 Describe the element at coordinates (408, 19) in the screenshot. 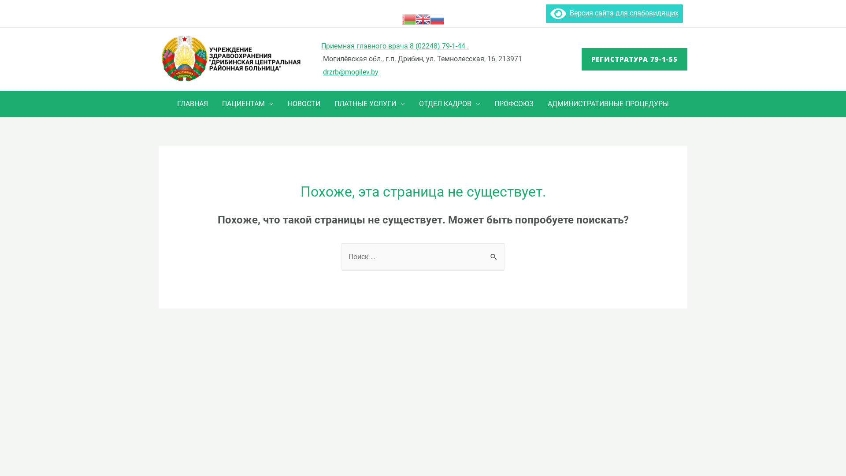

I see `'Belarusian'` at that location.